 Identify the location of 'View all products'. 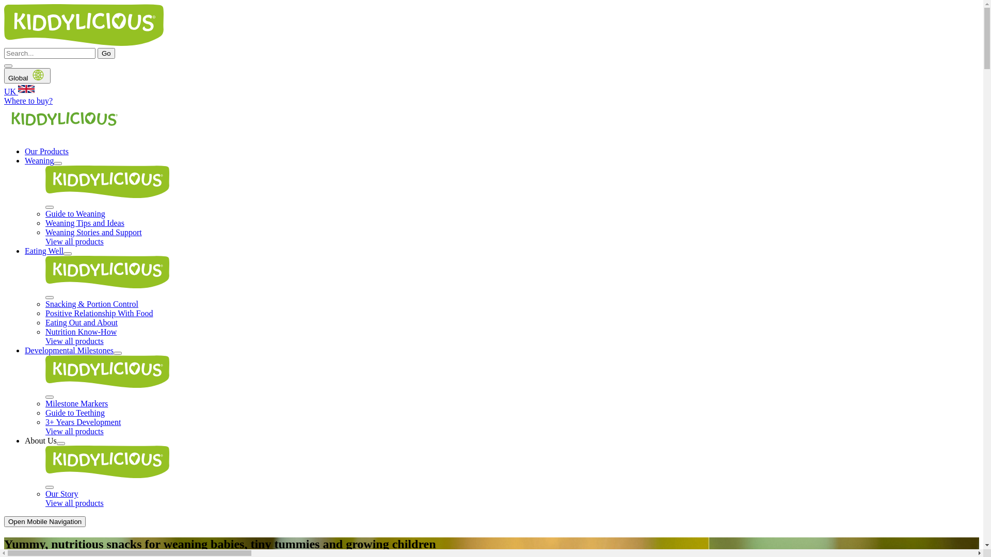
(74, 502).